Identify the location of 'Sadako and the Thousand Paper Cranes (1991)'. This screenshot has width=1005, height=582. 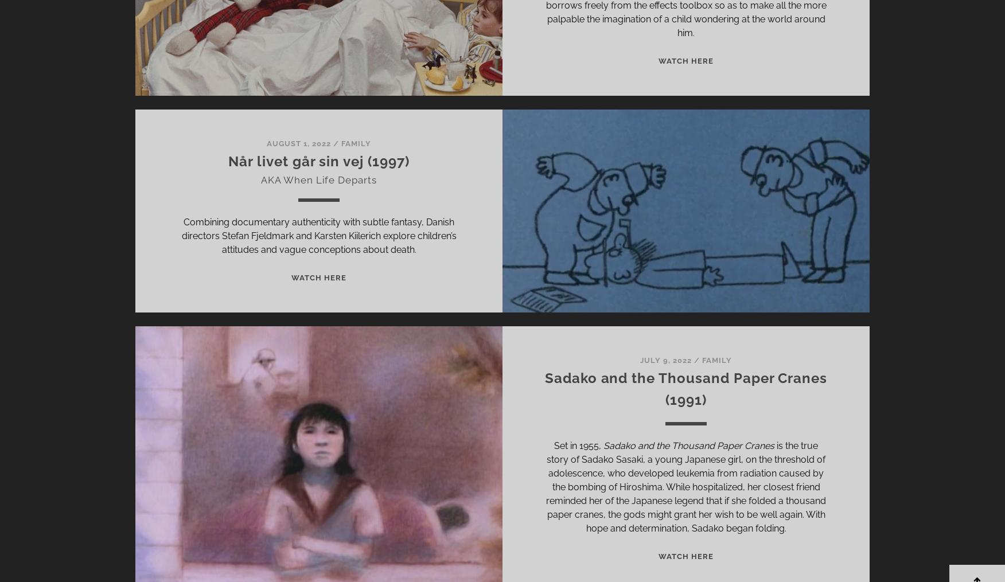
(685, 389).